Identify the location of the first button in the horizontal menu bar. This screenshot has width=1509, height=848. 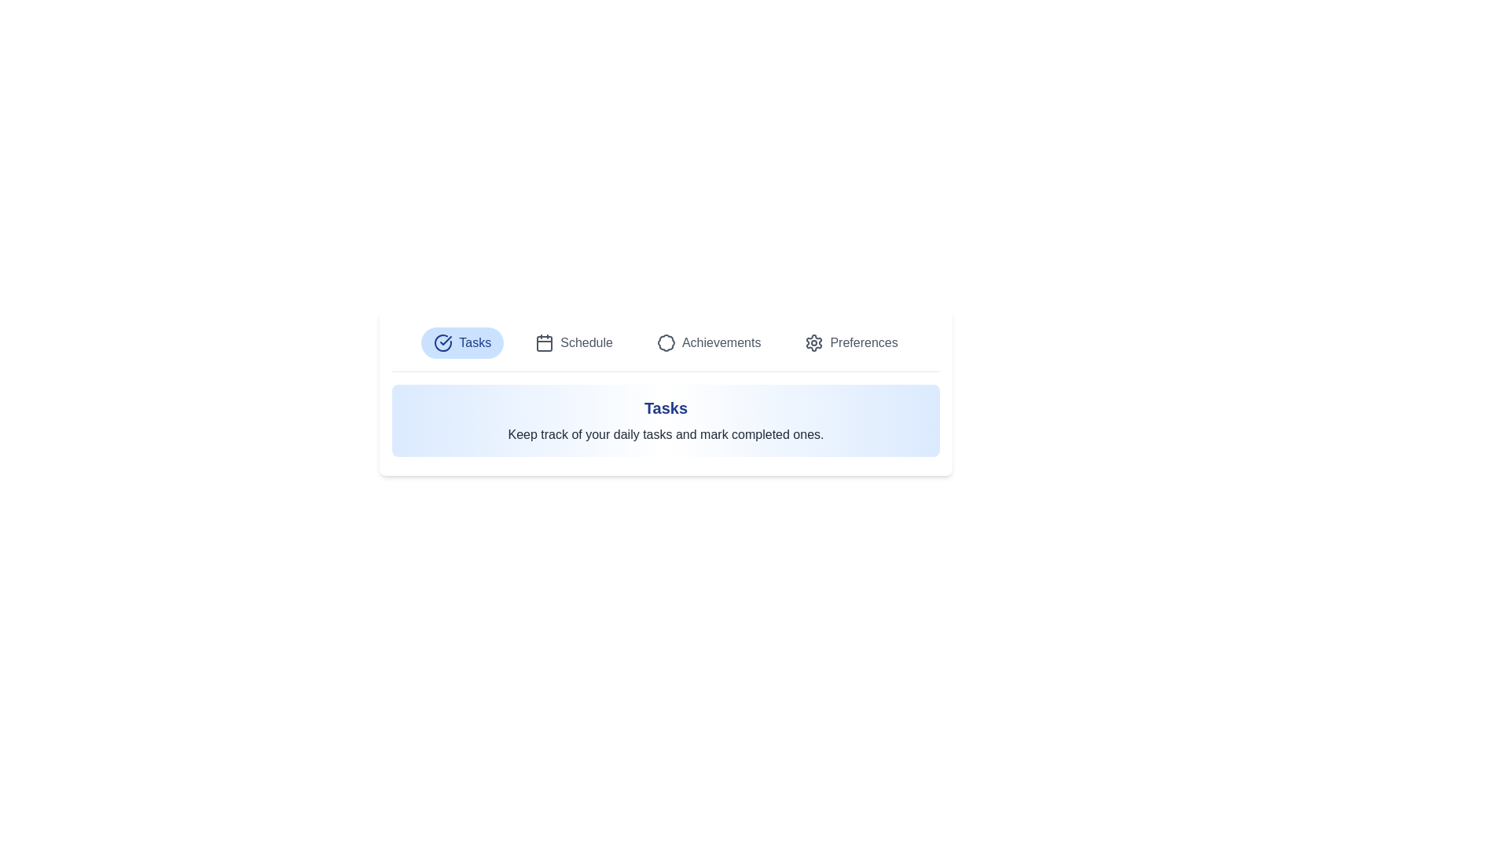
(461, 342).